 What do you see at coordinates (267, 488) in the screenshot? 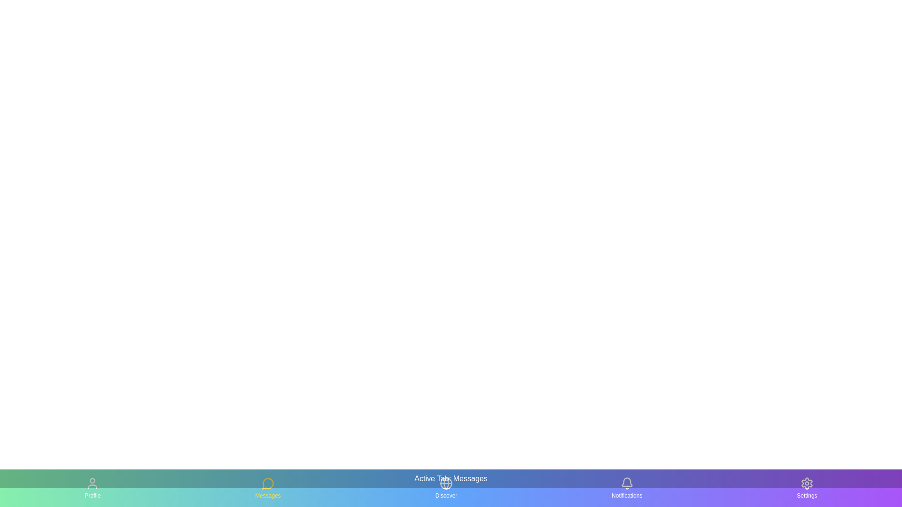
I see `the tab icon corresponding to Messages` at bounding box center [267, 488].